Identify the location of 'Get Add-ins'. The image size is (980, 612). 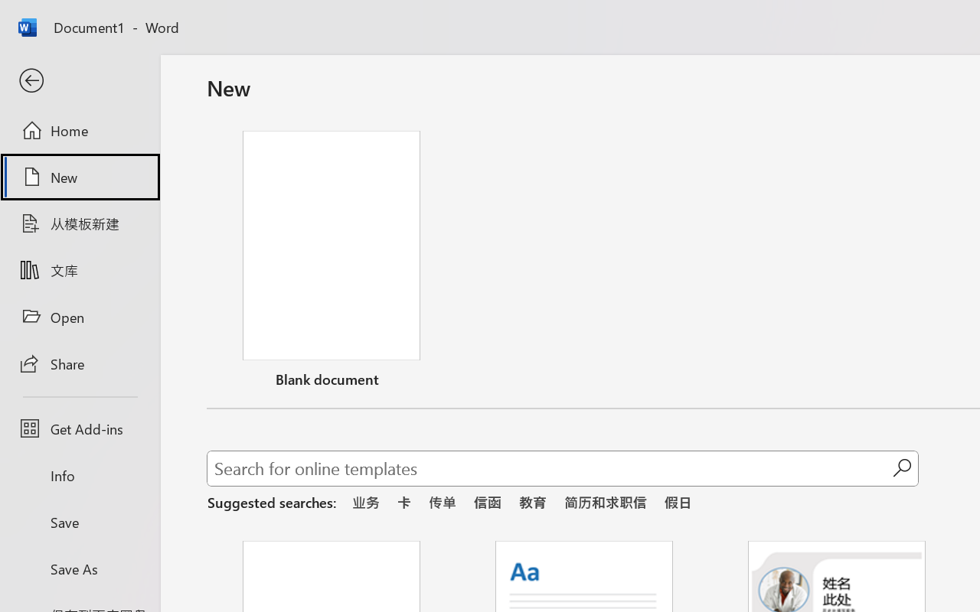
(79, 428).